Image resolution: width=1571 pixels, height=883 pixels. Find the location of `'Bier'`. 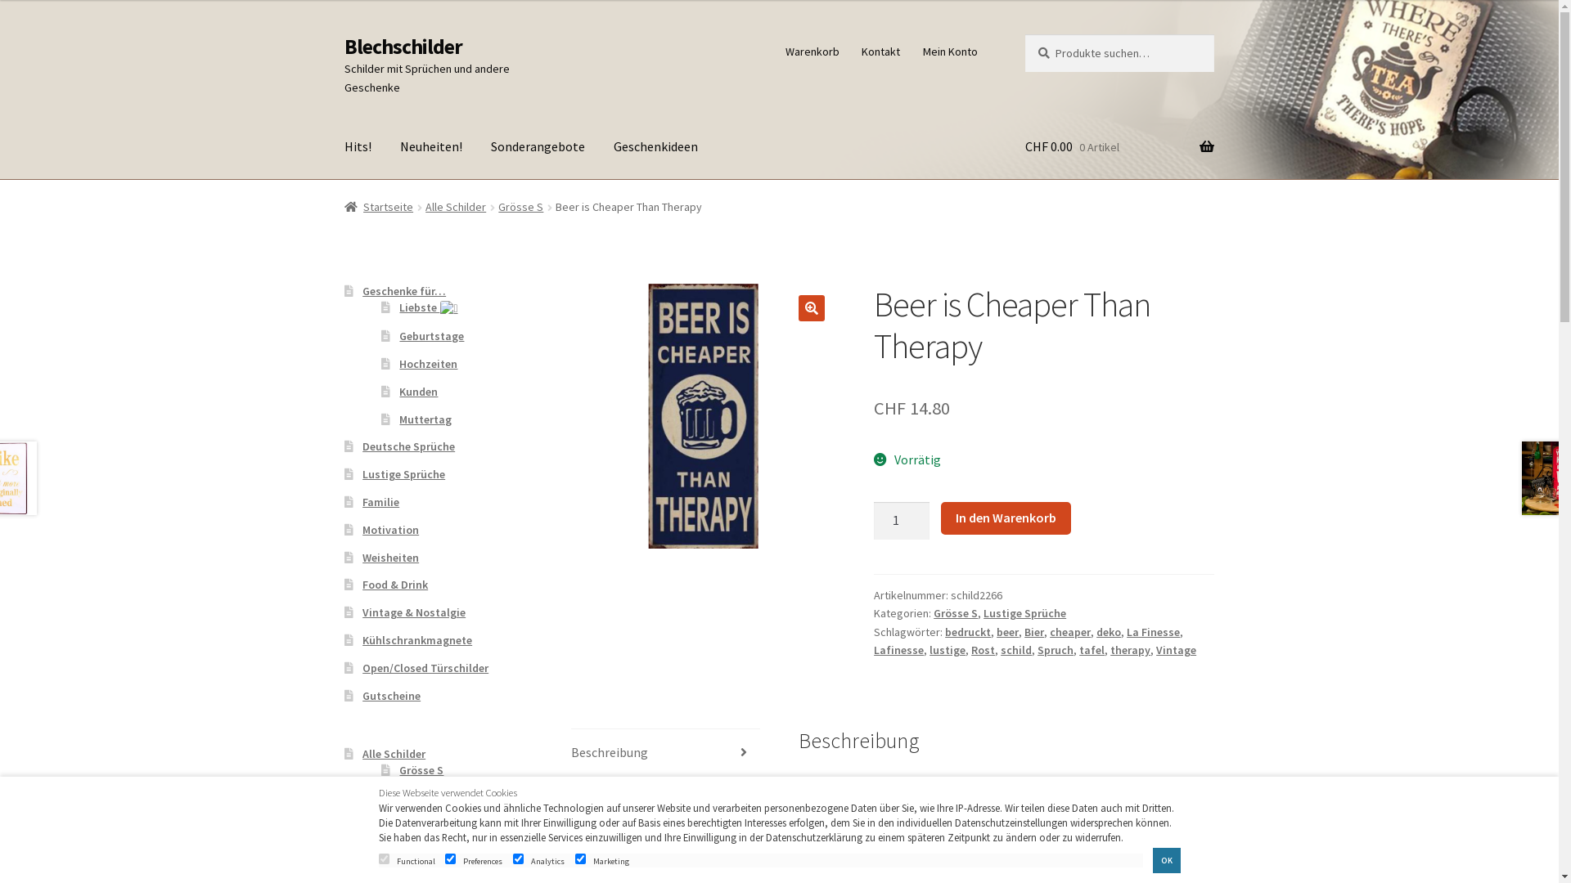

'Bier' is located at coordinates (1033, 630).